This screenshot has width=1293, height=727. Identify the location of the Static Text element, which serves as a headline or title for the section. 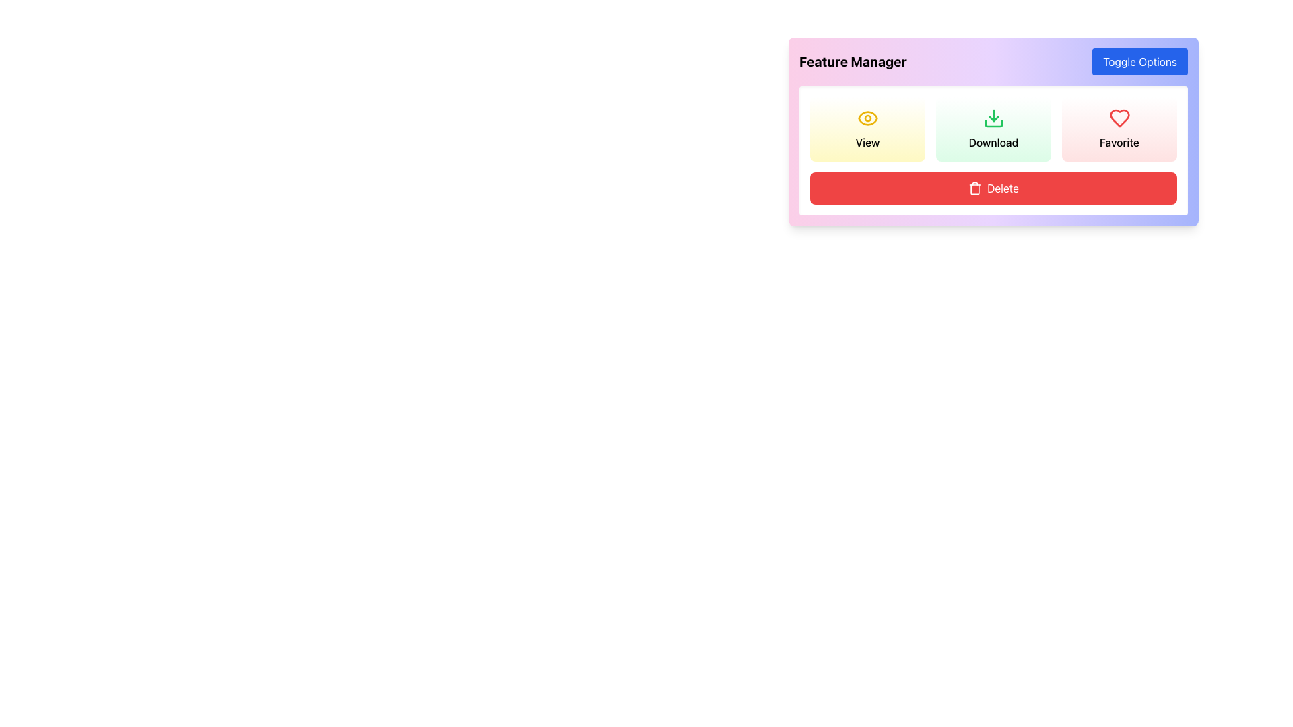
(852, 62).